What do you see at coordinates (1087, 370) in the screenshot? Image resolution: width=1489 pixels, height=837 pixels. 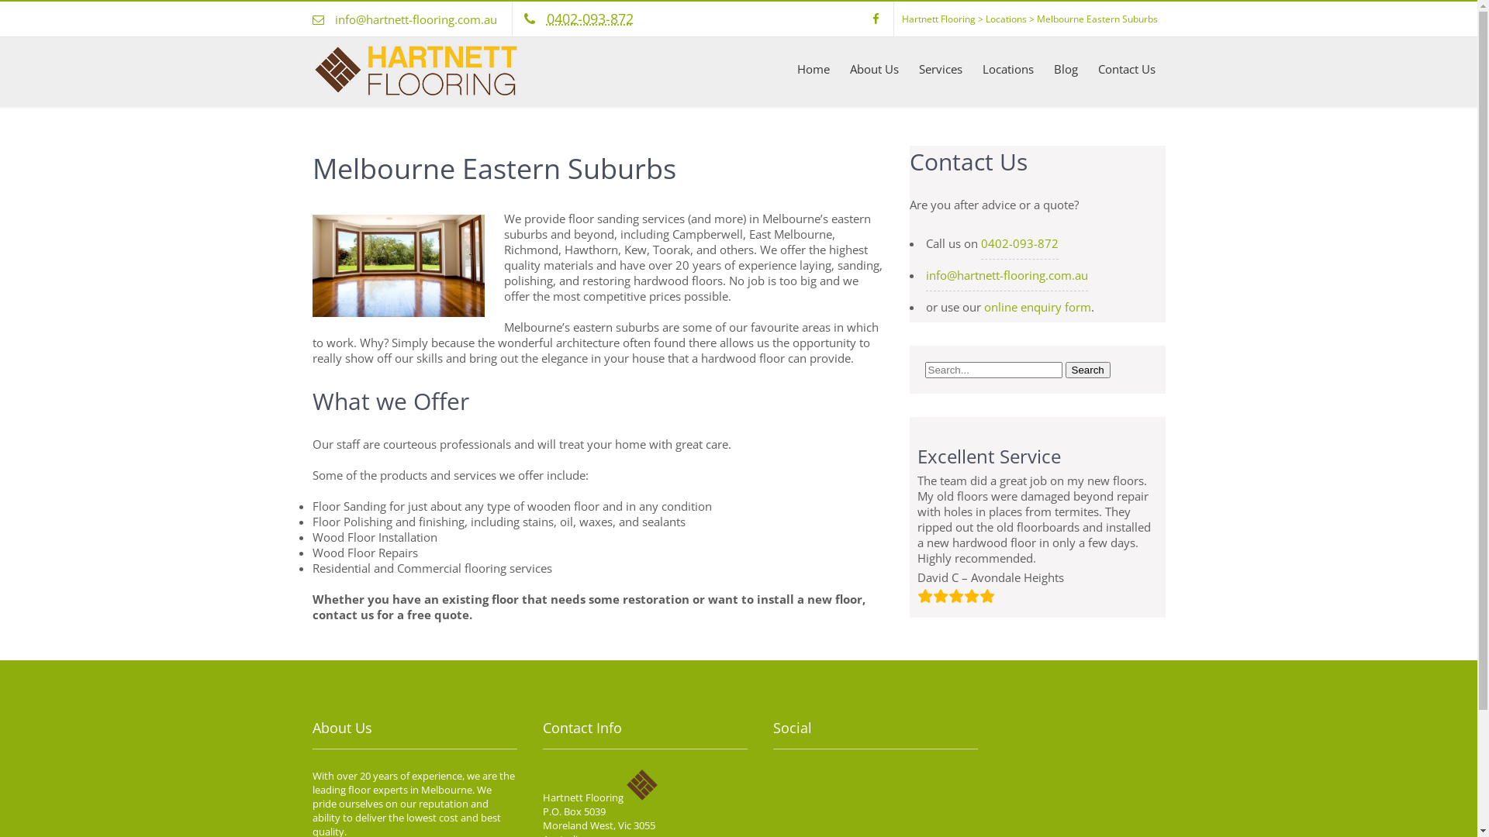 I see `'Search'` at bounding box center [1087, 370].